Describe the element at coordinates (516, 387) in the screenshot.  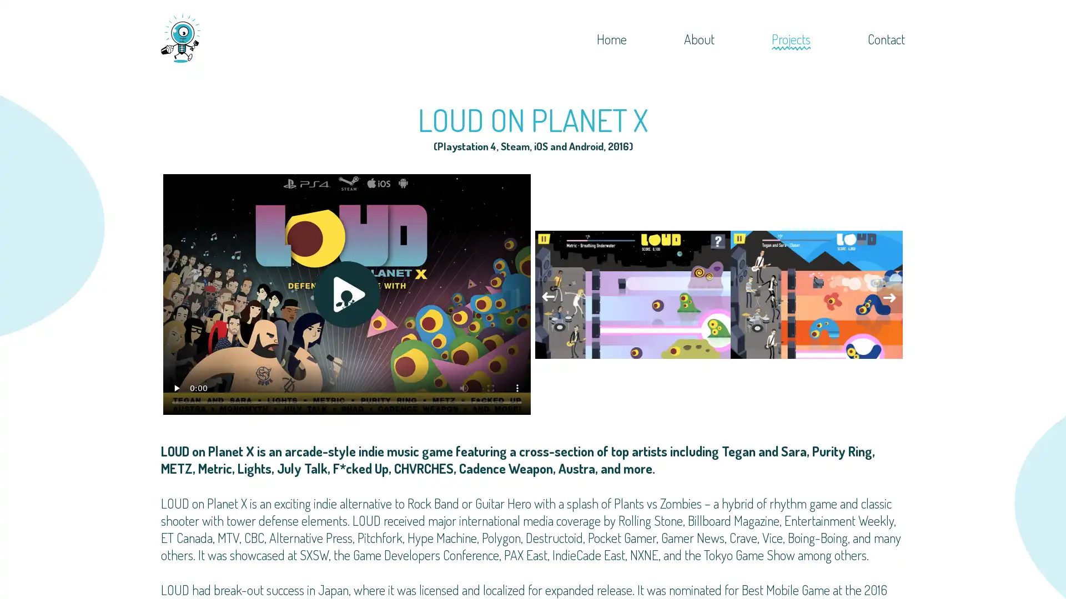
I see `show more media controls` at that location.